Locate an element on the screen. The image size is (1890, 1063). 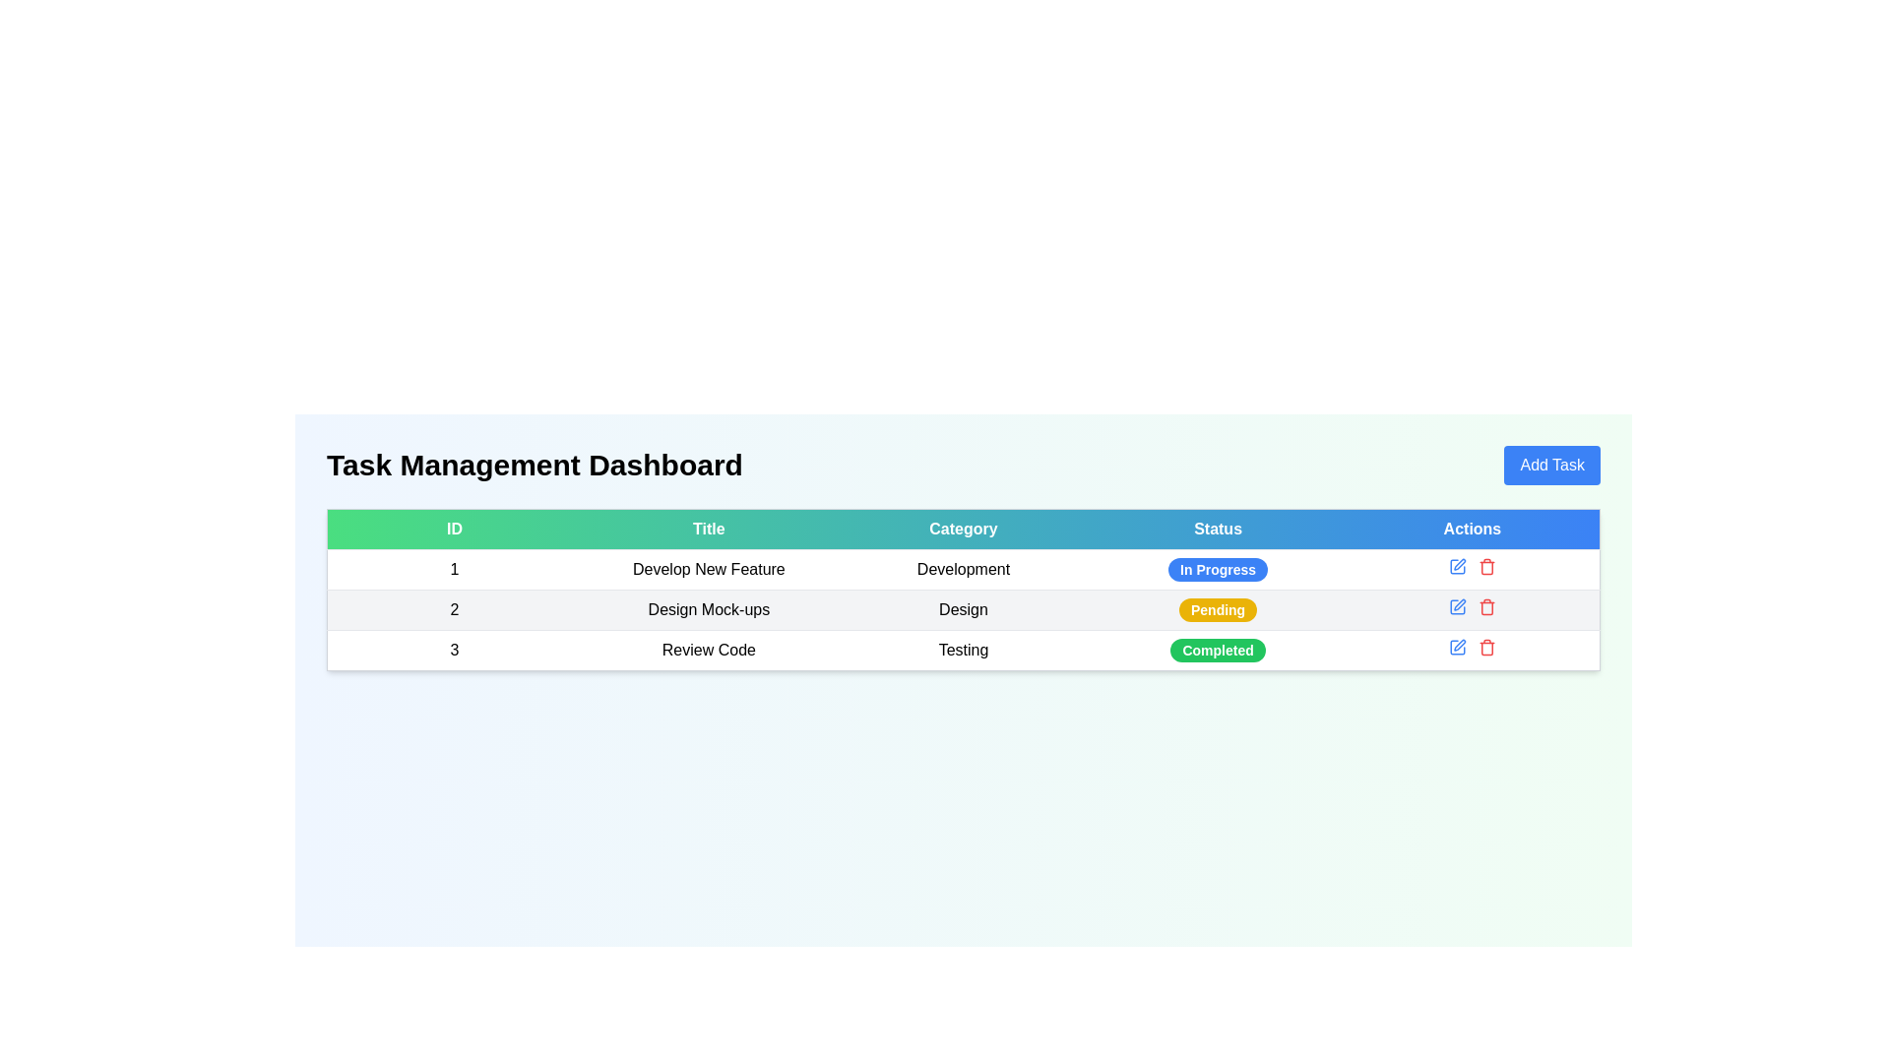
the red trash/delete icon in the 'Actions' column of the second row ('Design Mock-ups') in the task management dashboard is located at coordinates (1486, 607).